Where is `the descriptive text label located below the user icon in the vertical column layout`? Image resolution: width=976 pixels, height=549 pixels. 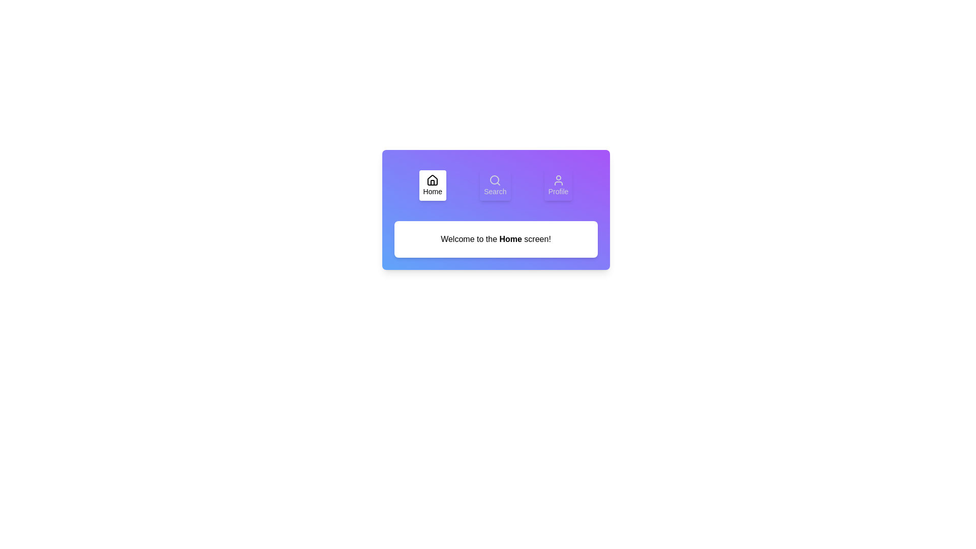
the descriptive text label located below the user icon in the vertical column layout is located at coordinates (558, 192).